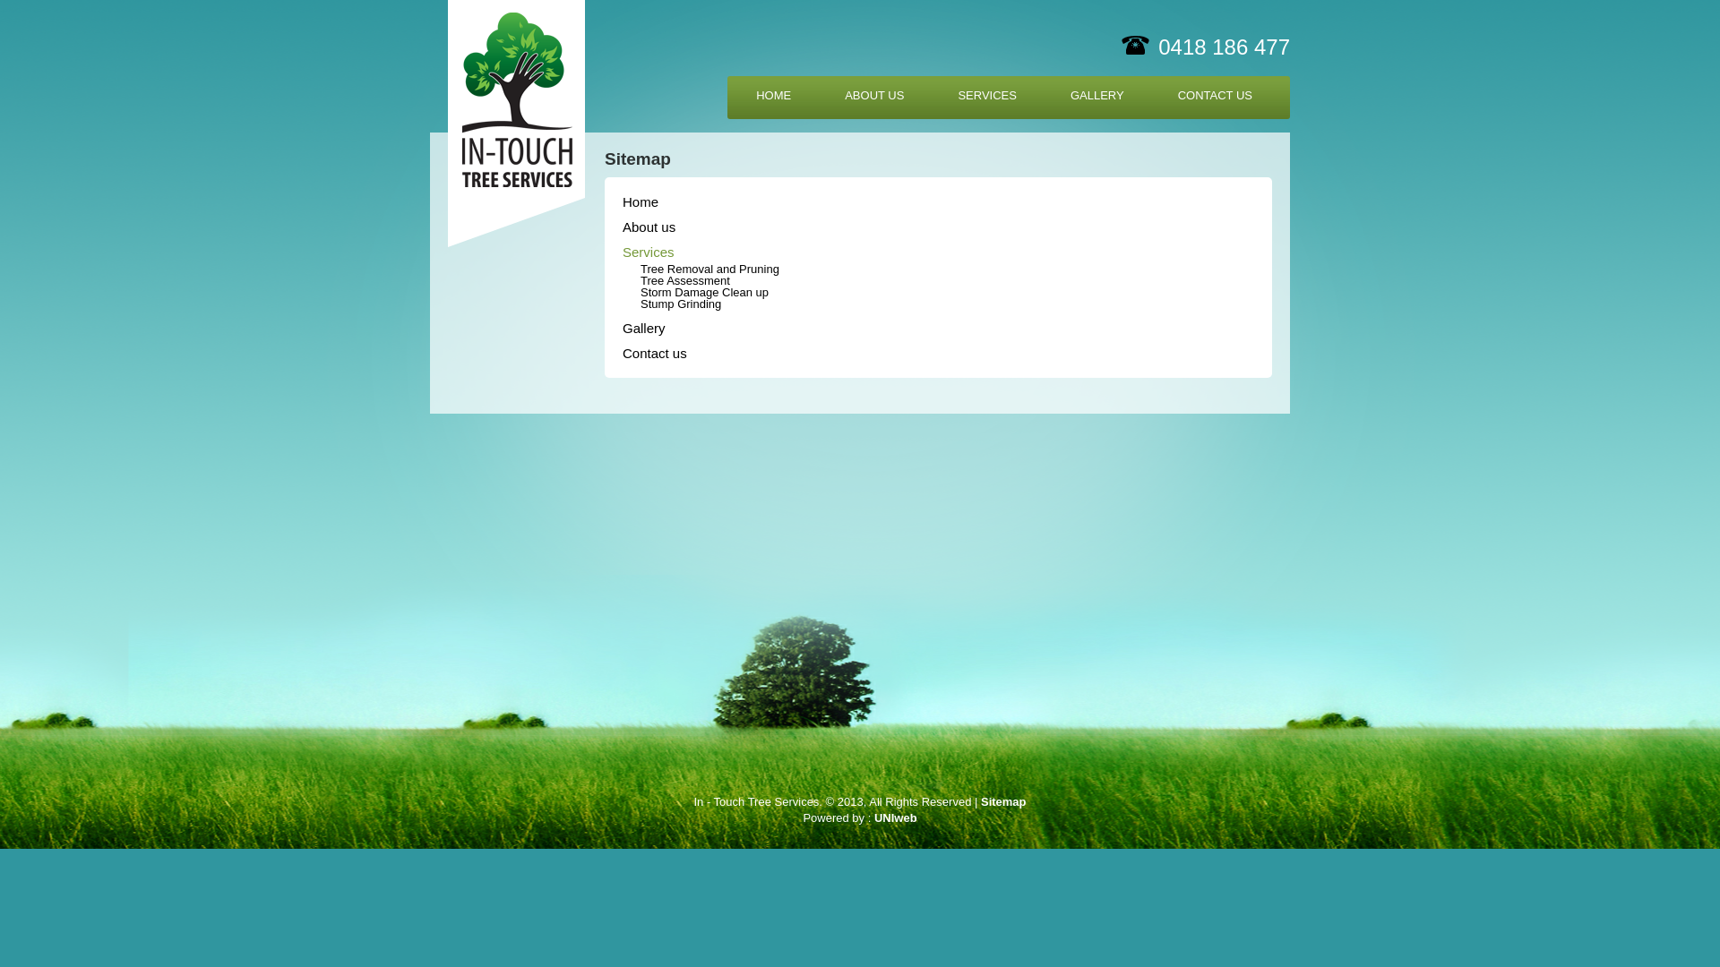  What do you see at coordinates (623, 201) in the screenshot?
I see `'Home'` at bounding box center [623, 201].